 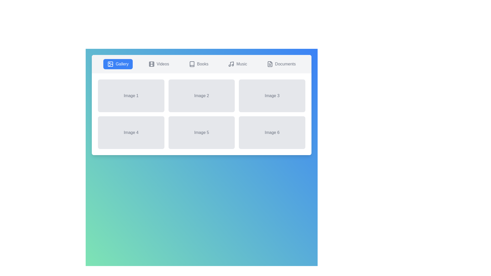 I want to click on the 'Gallery' button, so click(x=118, y=64).